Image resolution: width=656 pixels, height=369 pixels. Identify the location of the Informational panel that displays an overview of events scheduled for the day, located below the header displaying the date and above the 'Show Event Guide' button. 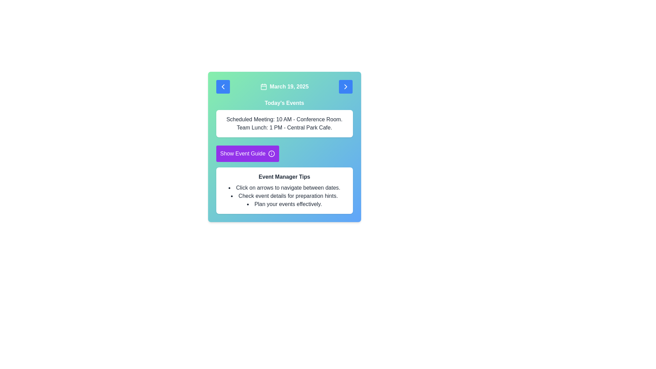
(284, 118).